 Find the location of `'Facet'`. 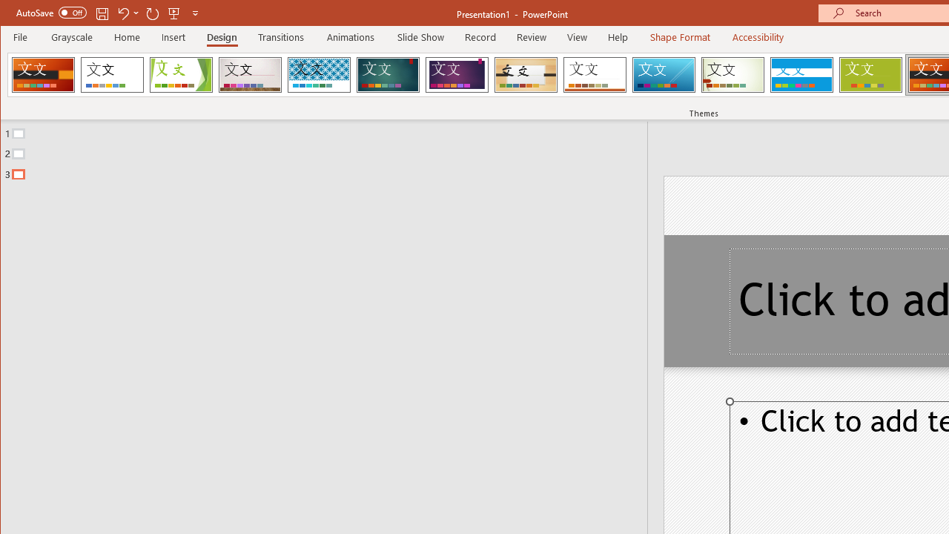

'Facet' is located at coordinates (180, 74).